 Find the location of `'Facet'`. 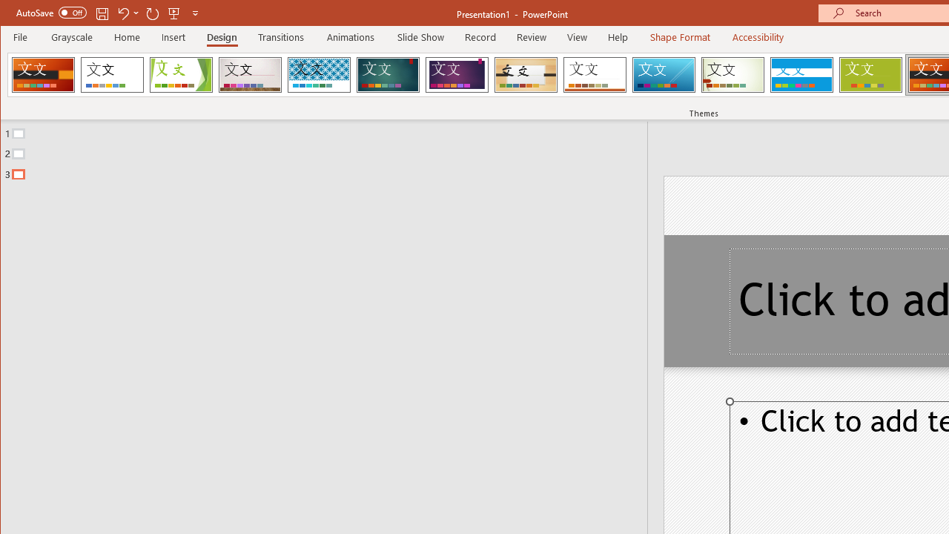

'Facet' is located at coordinates (180, 74).